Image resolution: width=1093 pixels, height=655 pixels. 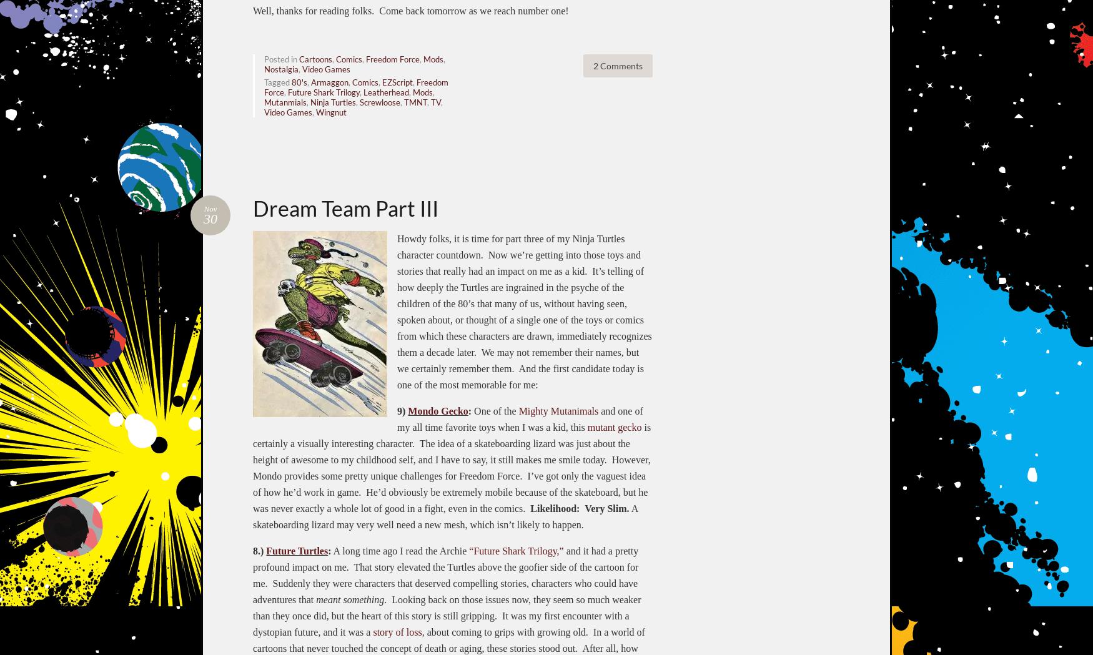 What do you see at coordinates (330, 111) in the screenshot?
I see `'Wingnut'` at bounding box center [330, 111].